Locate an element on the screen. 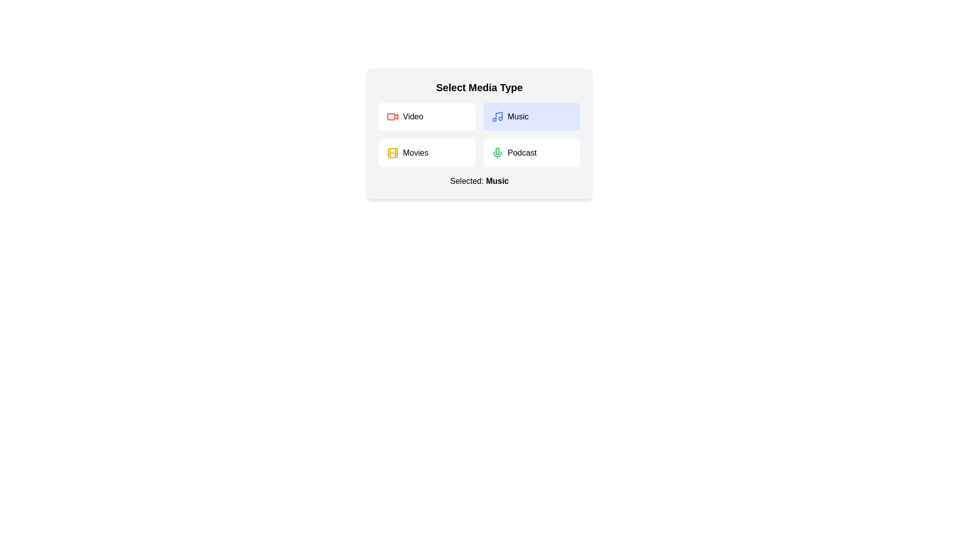 The image size is (967, 544). the media type Movies by clicking on its corresponding button is located at coordinates (427, 153).